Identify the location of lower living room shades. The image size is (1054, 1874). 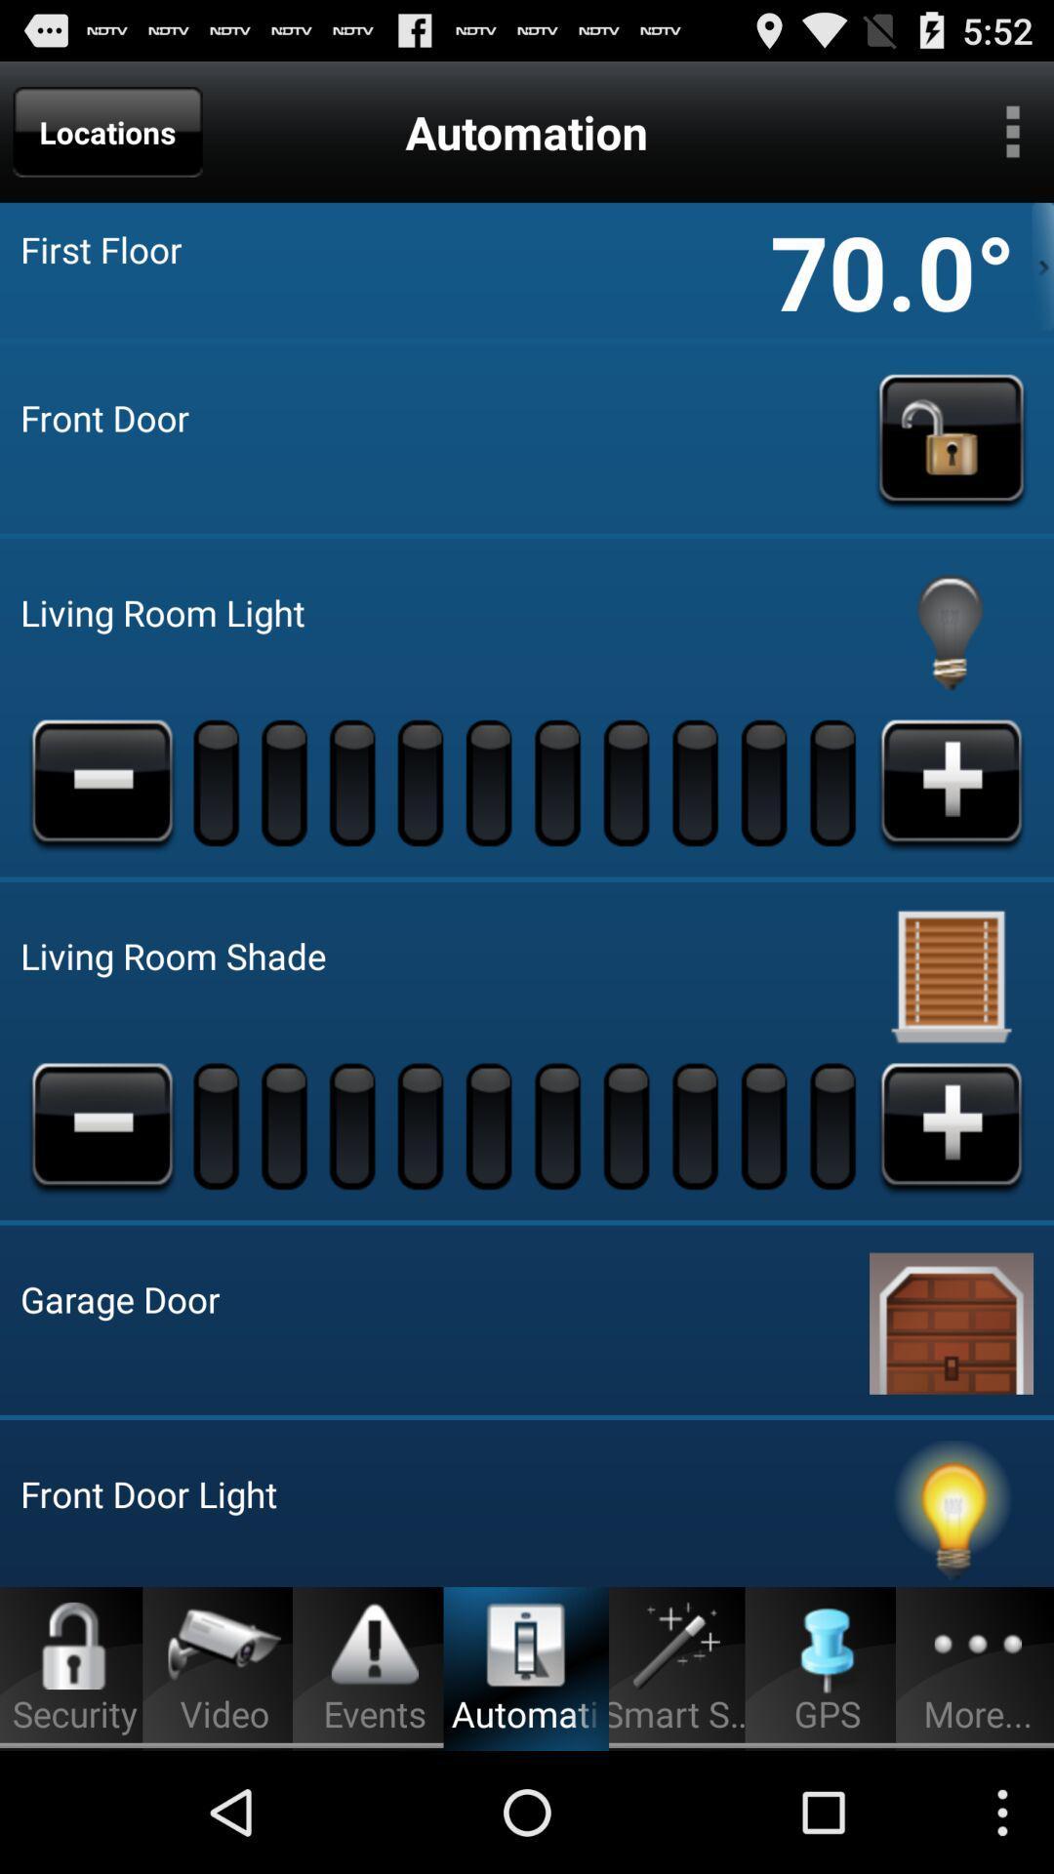
(101, 1125).